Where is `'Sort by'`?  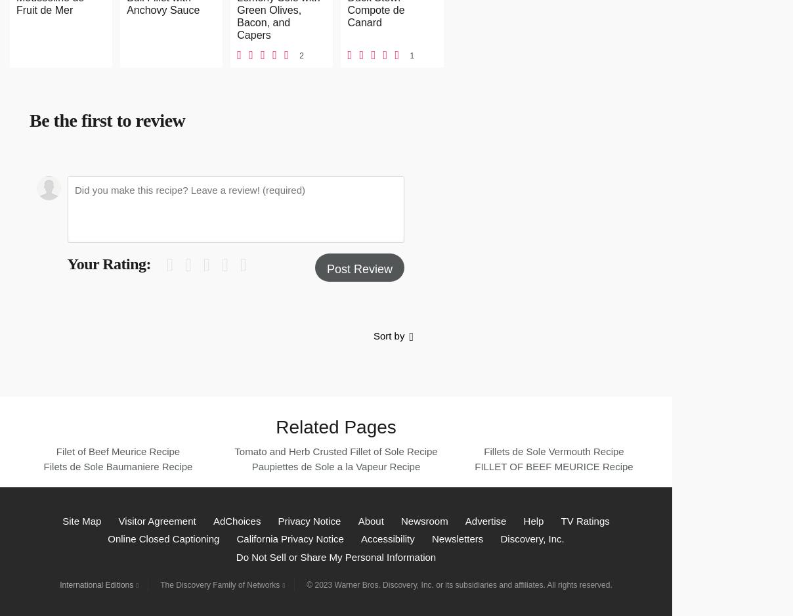
'Sort by' is located at coordinates (389, 334).